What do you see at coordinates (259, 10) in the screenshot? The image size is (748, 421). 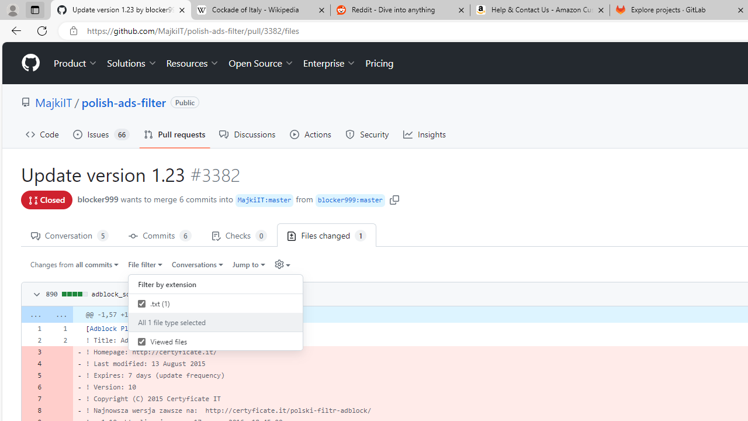 I see `'Cockade of Italy - Wikipedia'` at bounding box center [259, 10].